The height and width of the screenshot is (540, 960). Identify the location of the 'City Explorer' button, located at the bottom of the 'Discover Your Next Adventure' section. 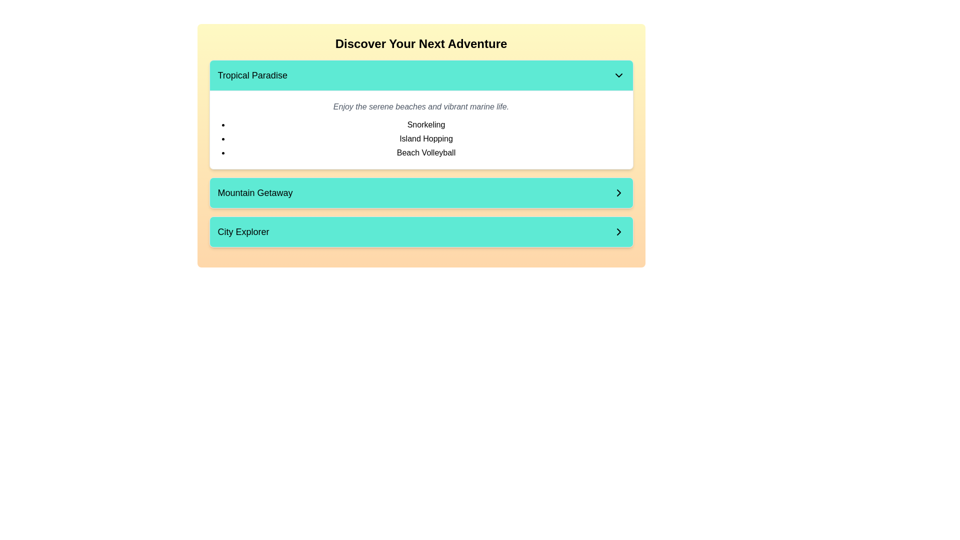
(421, 231).